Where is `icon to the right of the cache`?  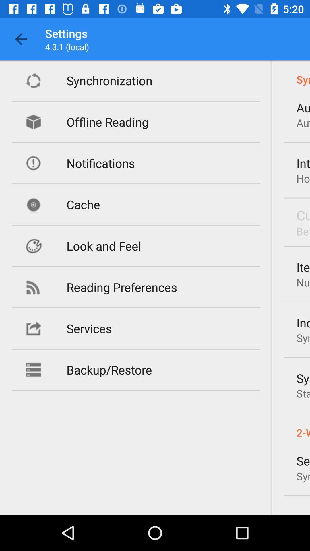
icon to the right of the cache is located at coordinates (303, 215).